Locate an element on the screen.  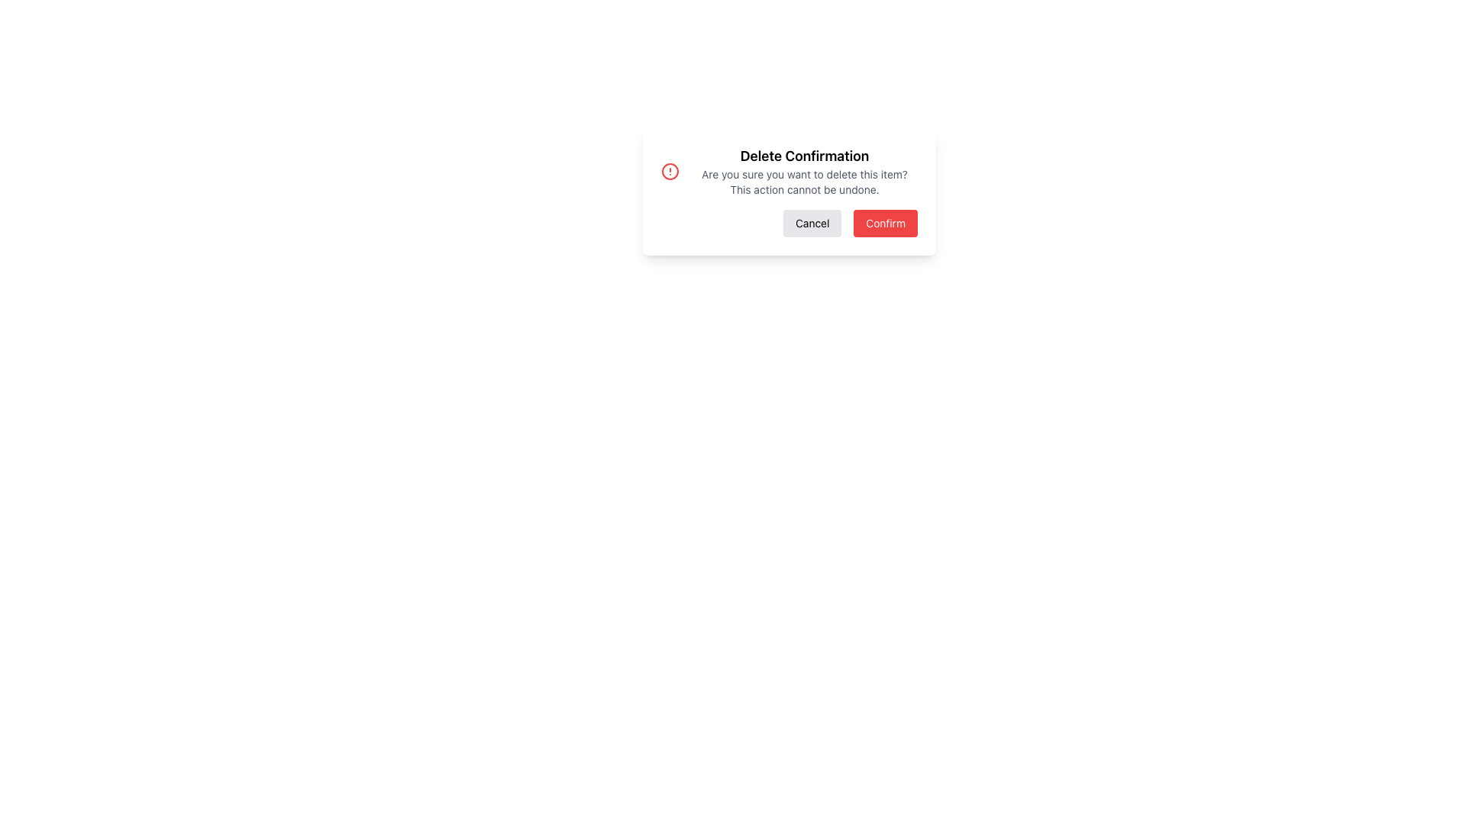
the 'Confirm' button with a red background and white text is located at coordinates (886, 224).